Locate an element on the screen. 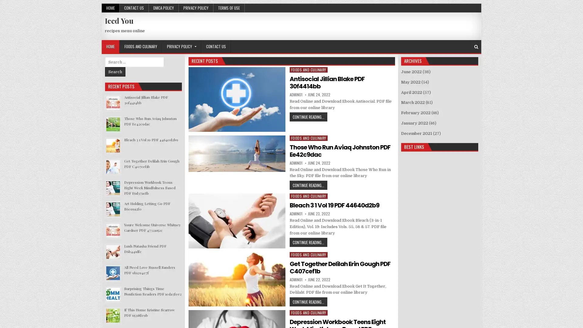  Search is located at coordinates (115, 71).